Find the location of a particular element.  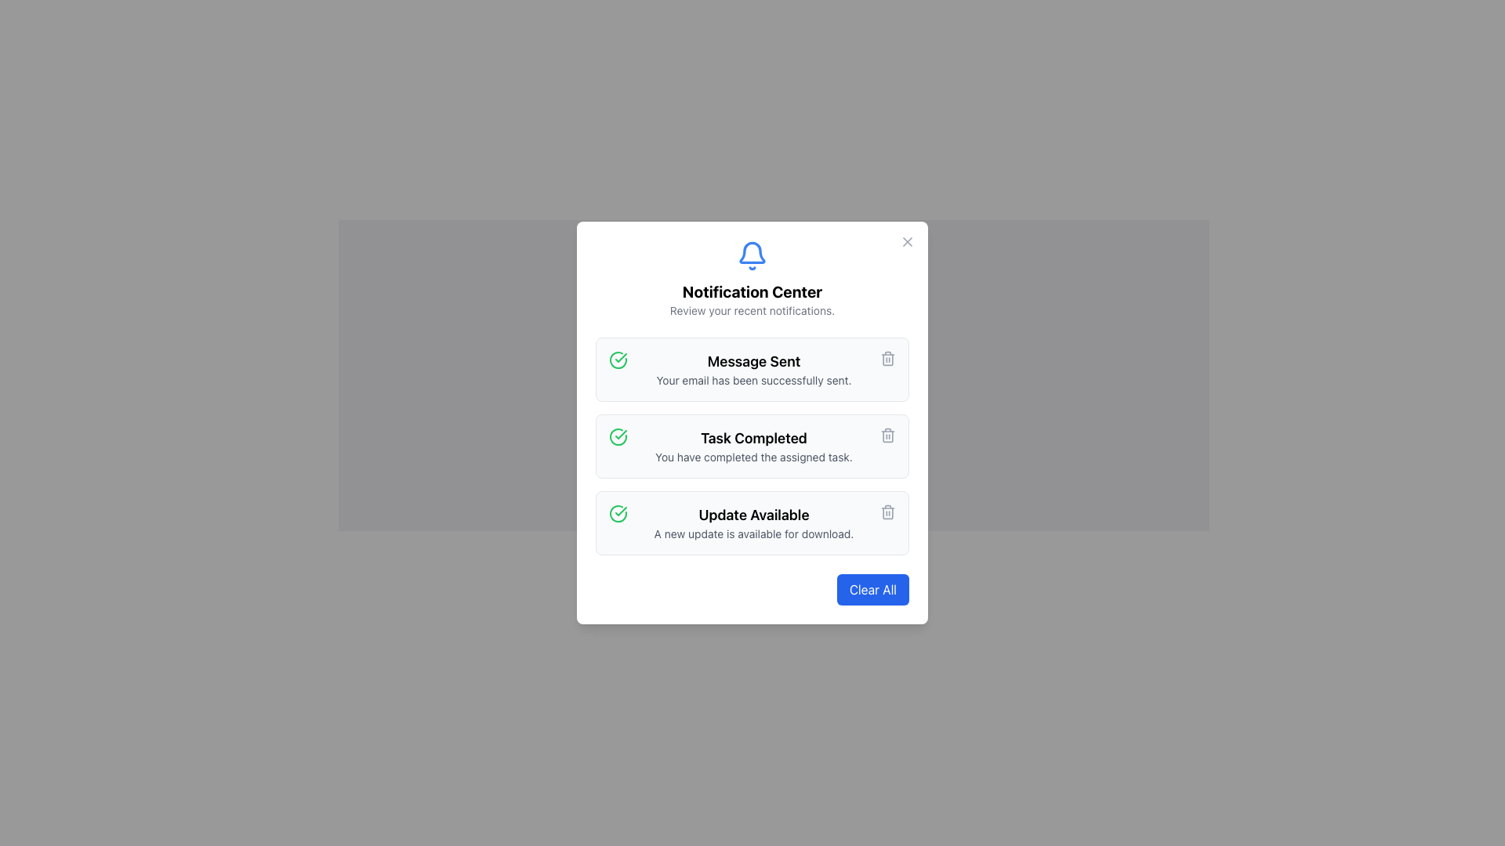

the notification icon, which is centrally positioned above the text 'Notification Center' and 'Review your recent notifications.' is located at coordinates (752, 255).